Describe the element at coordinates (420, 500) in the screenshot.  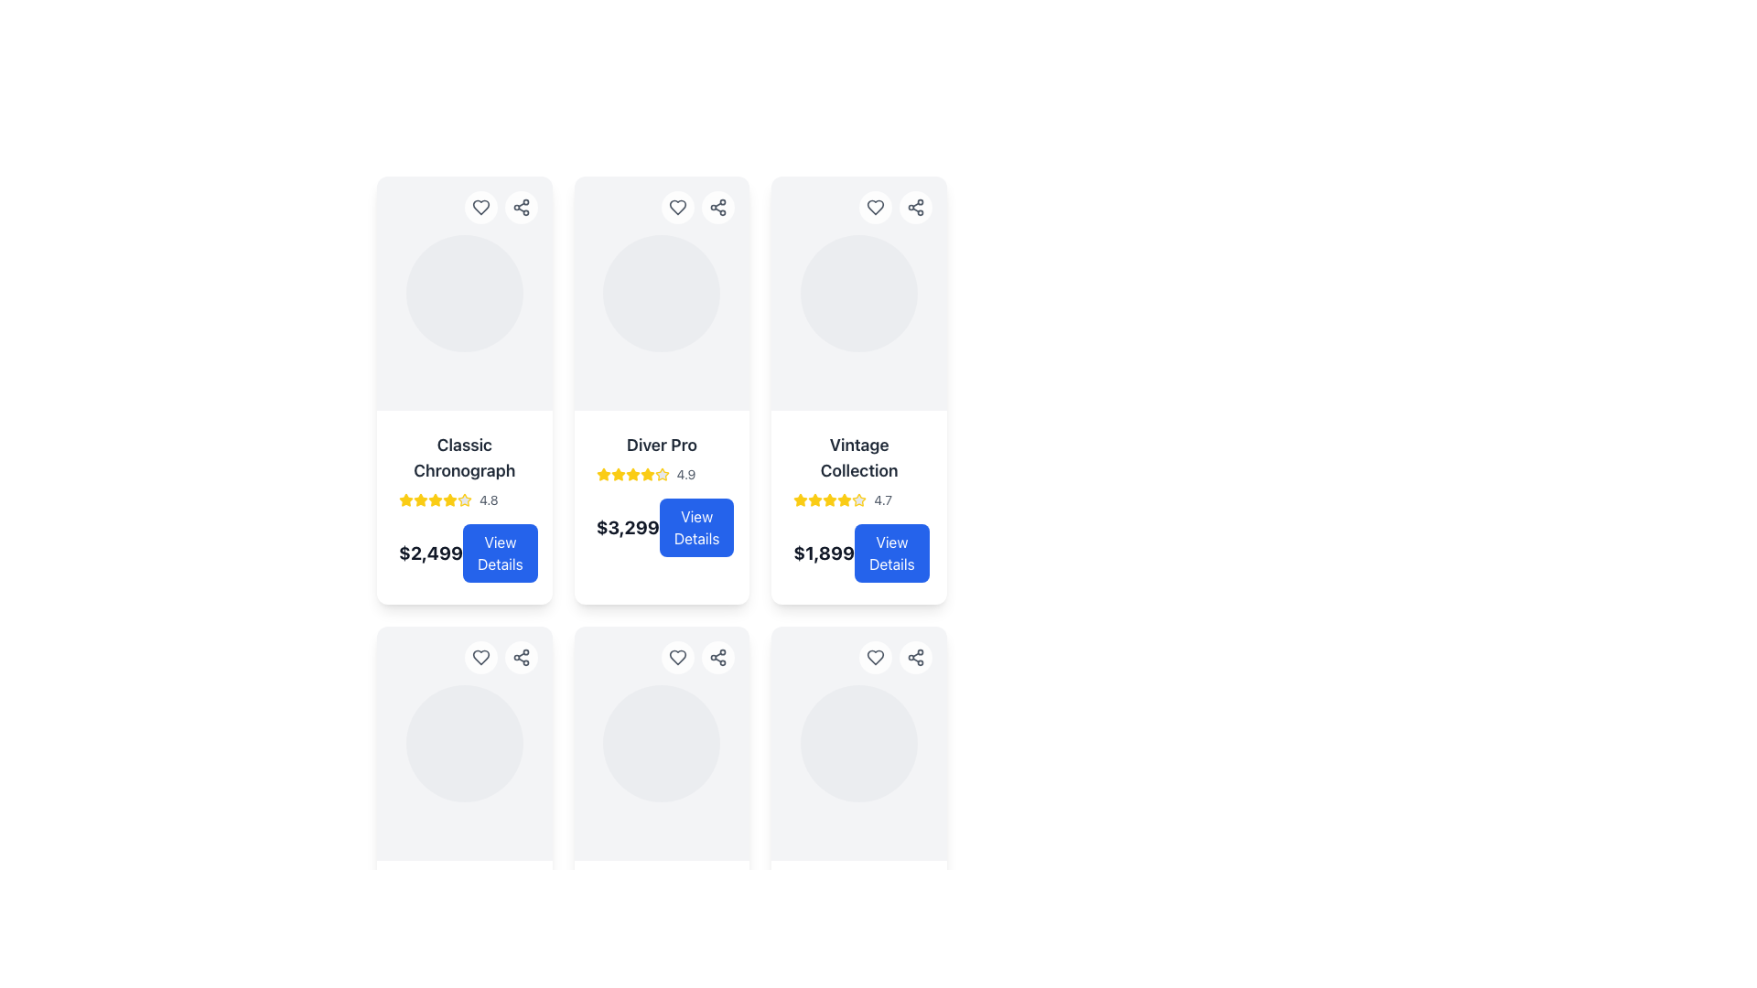
I see `the third star in the five-star rating system for a product, located below the product name and above the price` at that location.